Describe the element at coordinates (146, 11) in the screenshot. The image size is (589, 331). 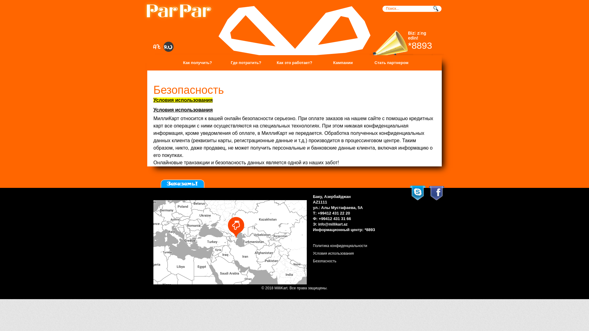
I see `'_'` at that location.